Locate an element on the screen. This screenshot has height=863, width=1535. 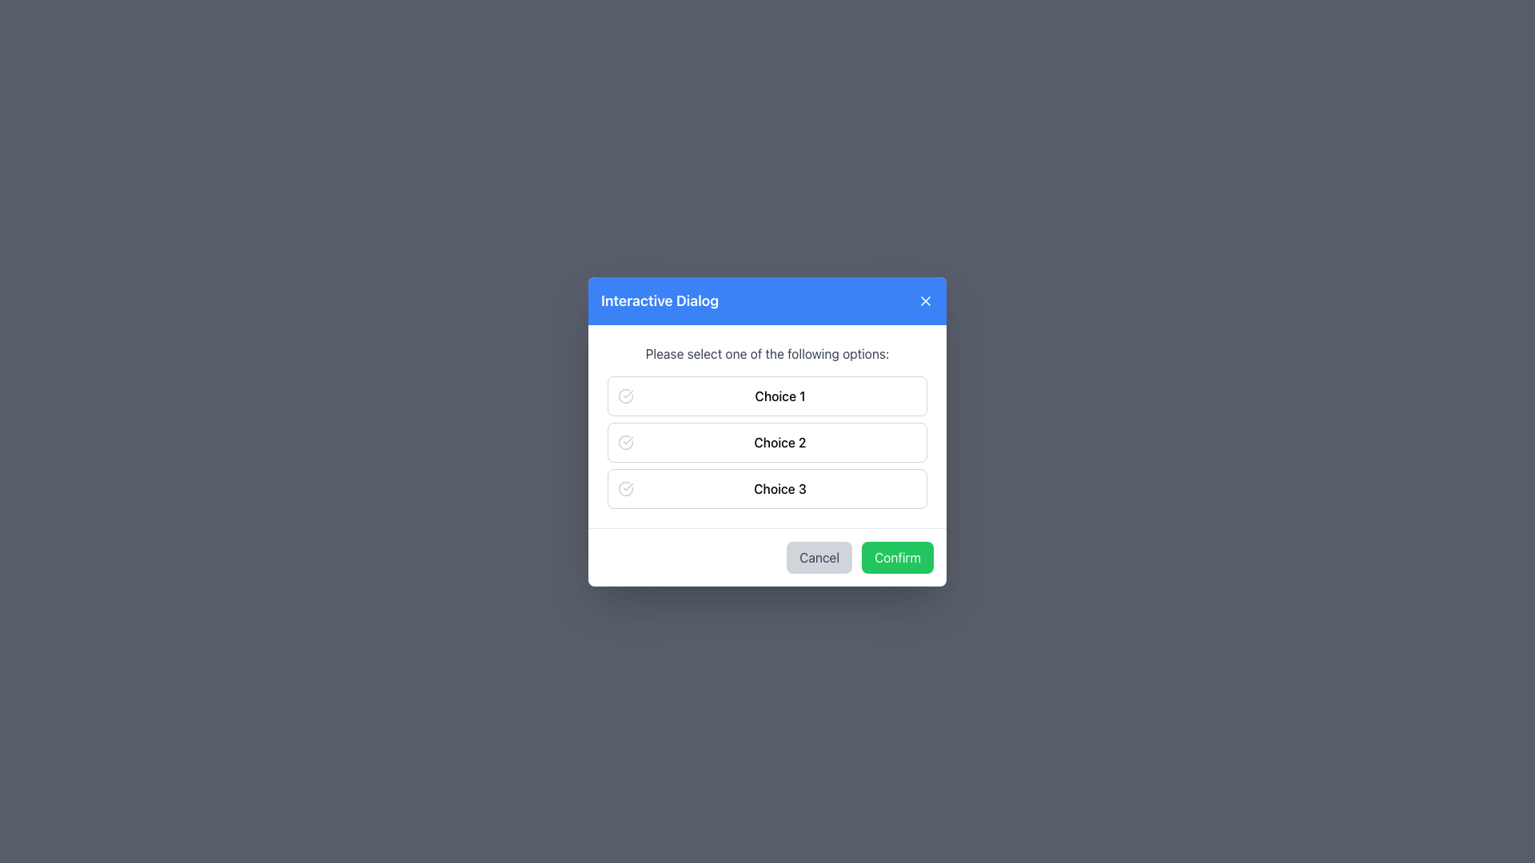
the 'Interactive Dialog' text label, which is prominently displayed in bold white font on a blue background at the top of a dialog box is located at coordinates (660, 300).